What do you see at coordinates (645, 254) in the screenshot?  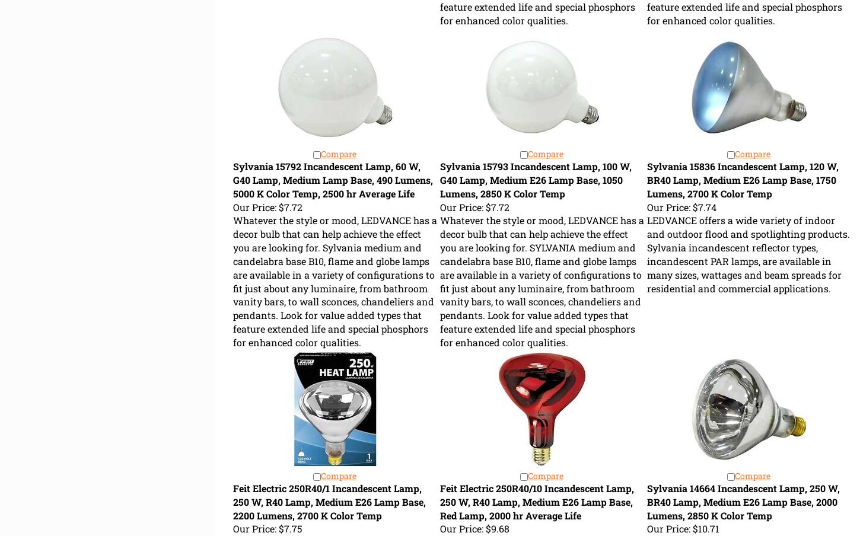 I see `'LEDVANCE offers a wide variety of indoor and outdoor flood and spotlighting products. Sylvania incandescent reflector types, incandescent PAR lamps, are available in many sizes, wattages and beam spreads for residential and commercial applications.'` at bounding box center [645, 254].